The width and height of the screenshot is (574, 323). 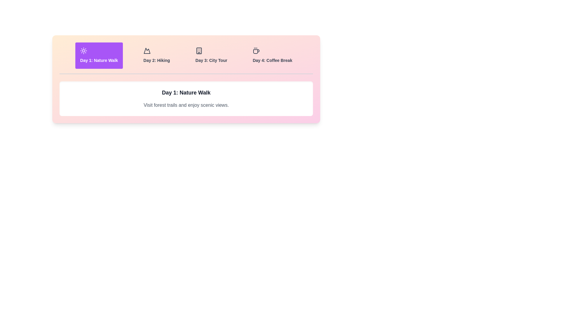 What do you see at coordinates (156, 55) in the screenshot?
I see `the tab corresponding to Day 2: Hiking` at bounding box center [156, 55].